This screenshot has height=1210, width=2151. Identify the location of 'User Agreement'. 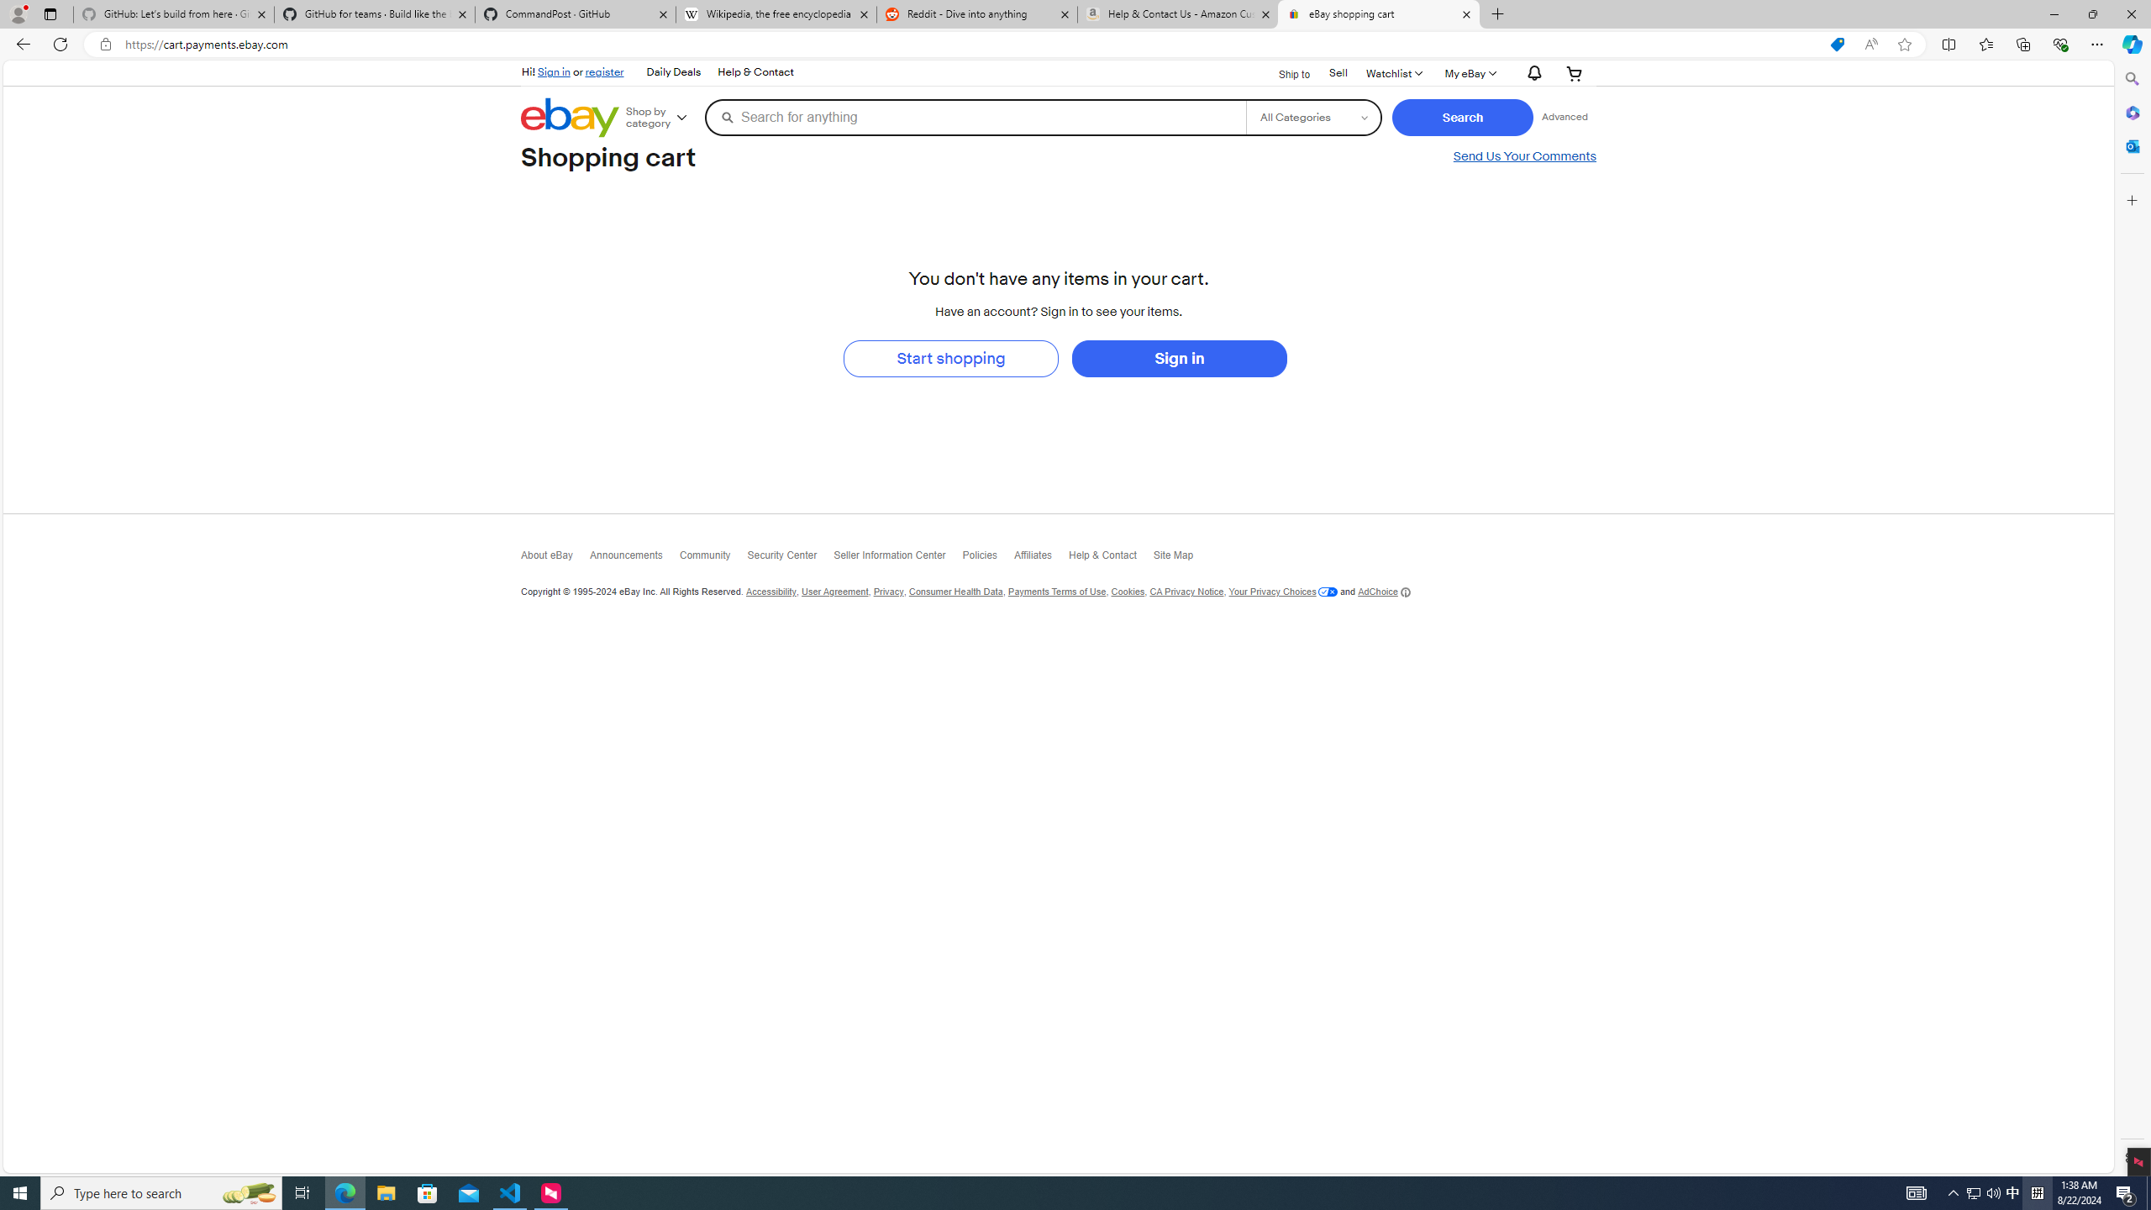
(835, 592).